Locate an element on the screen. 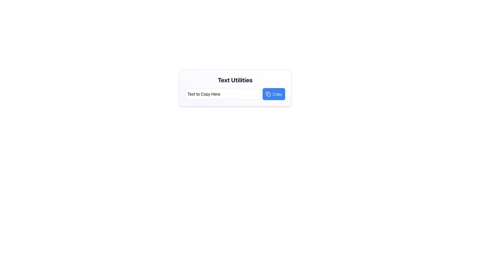 This screenshot has width=482, height=271. the copy icon within the blue 'Copy' button located at the far-right side of the text input field in the centered card is located at coordinates (268, 94).